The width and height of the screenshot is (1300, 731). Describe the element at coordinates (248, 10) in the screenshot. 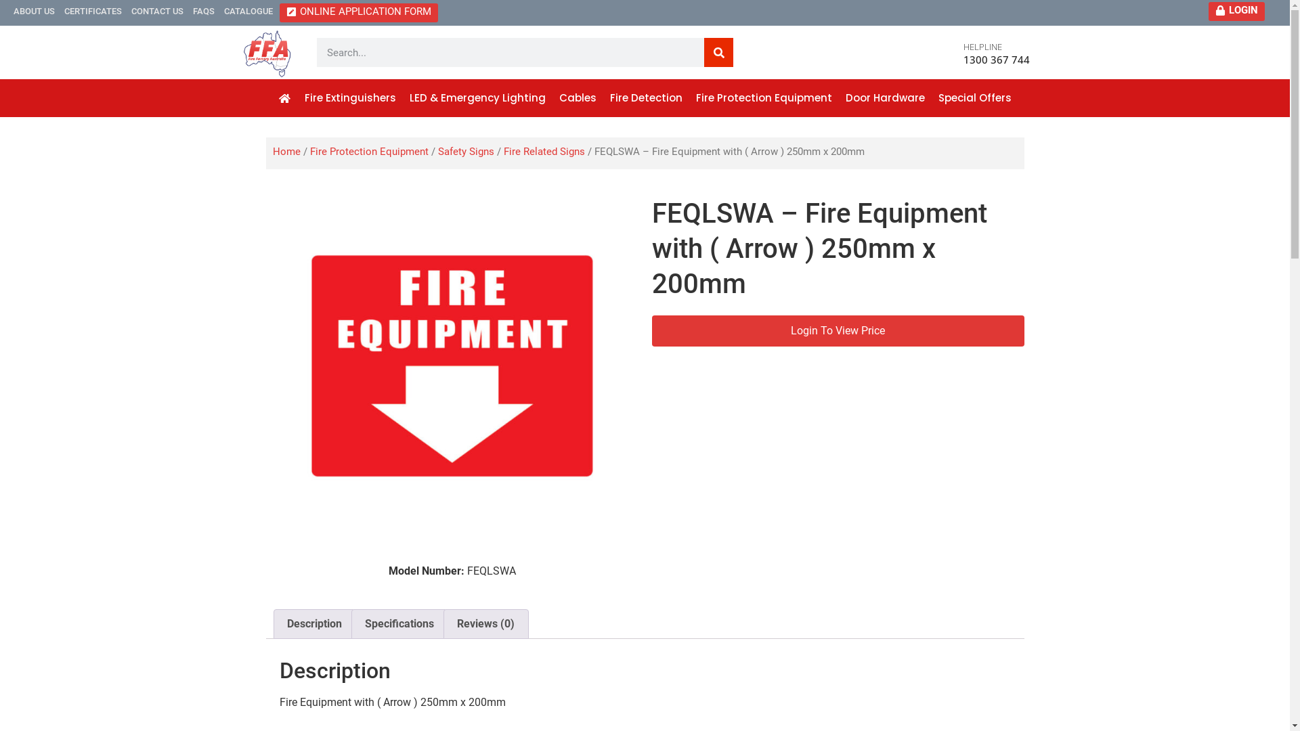

I see `'CATALOGUE'` at that location.